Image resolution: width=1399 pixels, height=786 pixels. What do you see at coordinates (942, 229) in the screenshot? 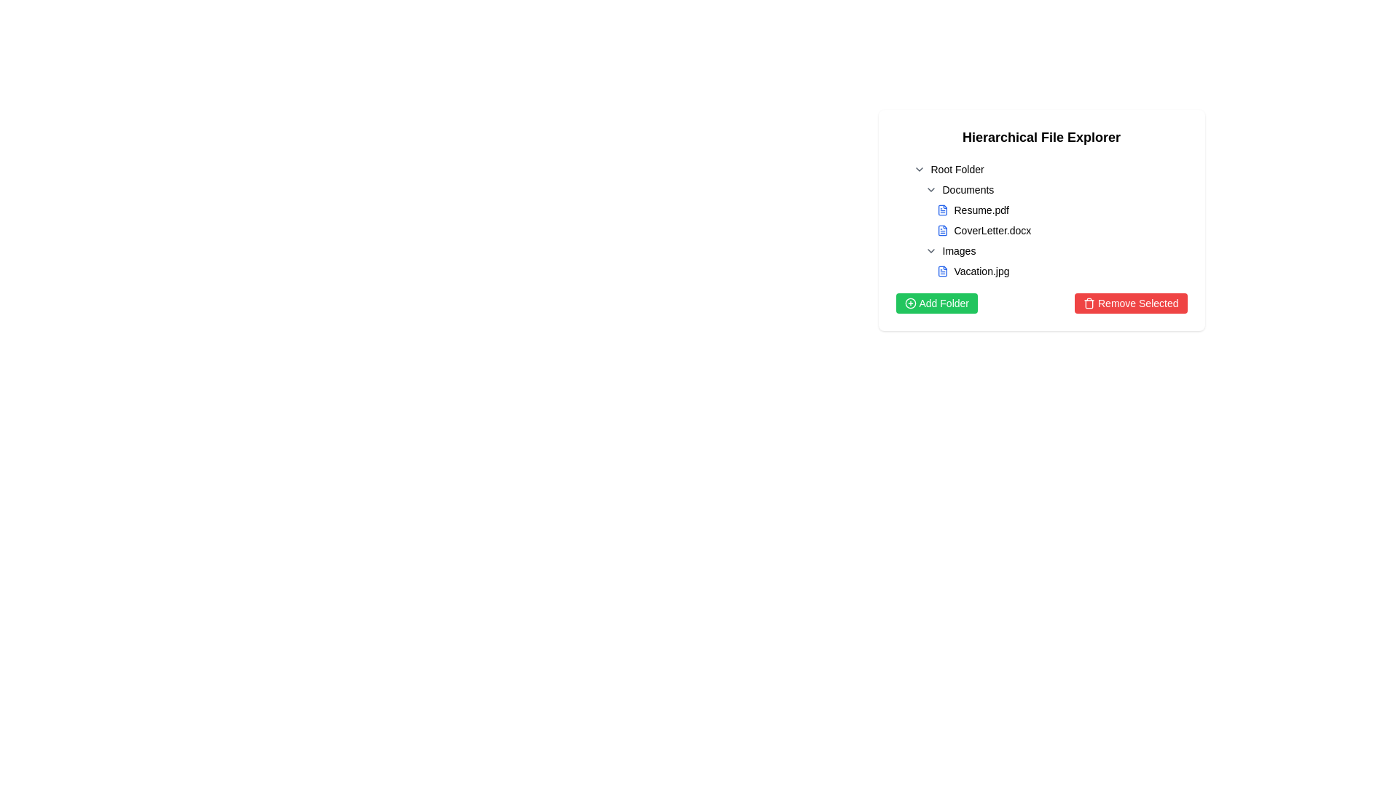
I see `the document file icon representing 'CoverLetter.docx'` at bounding box center [942, 229].